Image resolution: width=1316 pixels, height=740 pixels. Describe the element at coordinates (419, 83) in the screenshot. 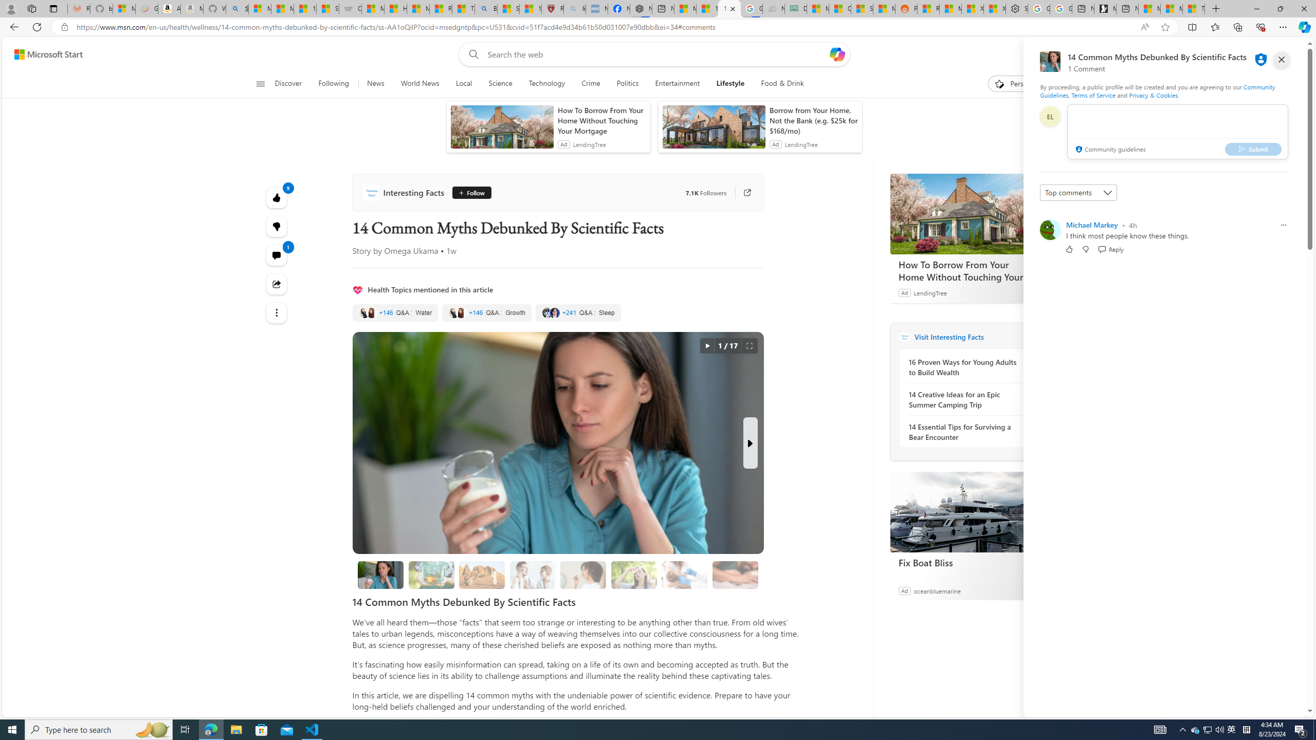

I see `'World News'` at that location.